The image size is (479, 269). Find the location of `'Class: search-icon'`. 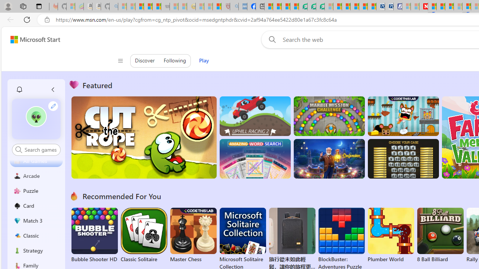

'Class: search-icon' is located at coordinates (19, 149).